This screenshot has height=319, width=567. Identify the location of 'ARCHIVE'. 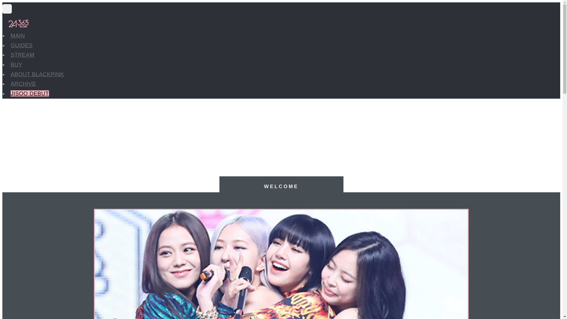
(23, 84).